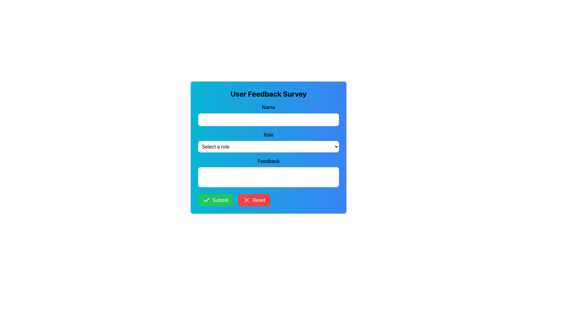 This screenshot has width=586, height=330. I want to click on the green 'Submit' button which contains a confirmation icon, located in the bottom-left corner of the user interface, so click(206, 200).